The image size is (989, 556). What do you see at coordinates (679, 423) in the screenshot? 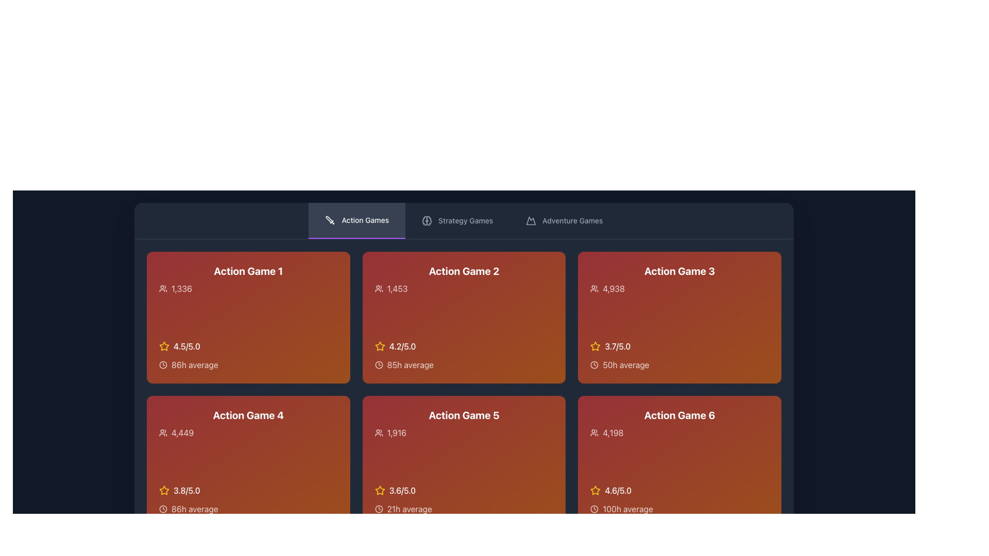
I see `displayed title and user count for 'Action Game 6' located in the bottom-right card of the grid layout` at bounding box center [679, 423].